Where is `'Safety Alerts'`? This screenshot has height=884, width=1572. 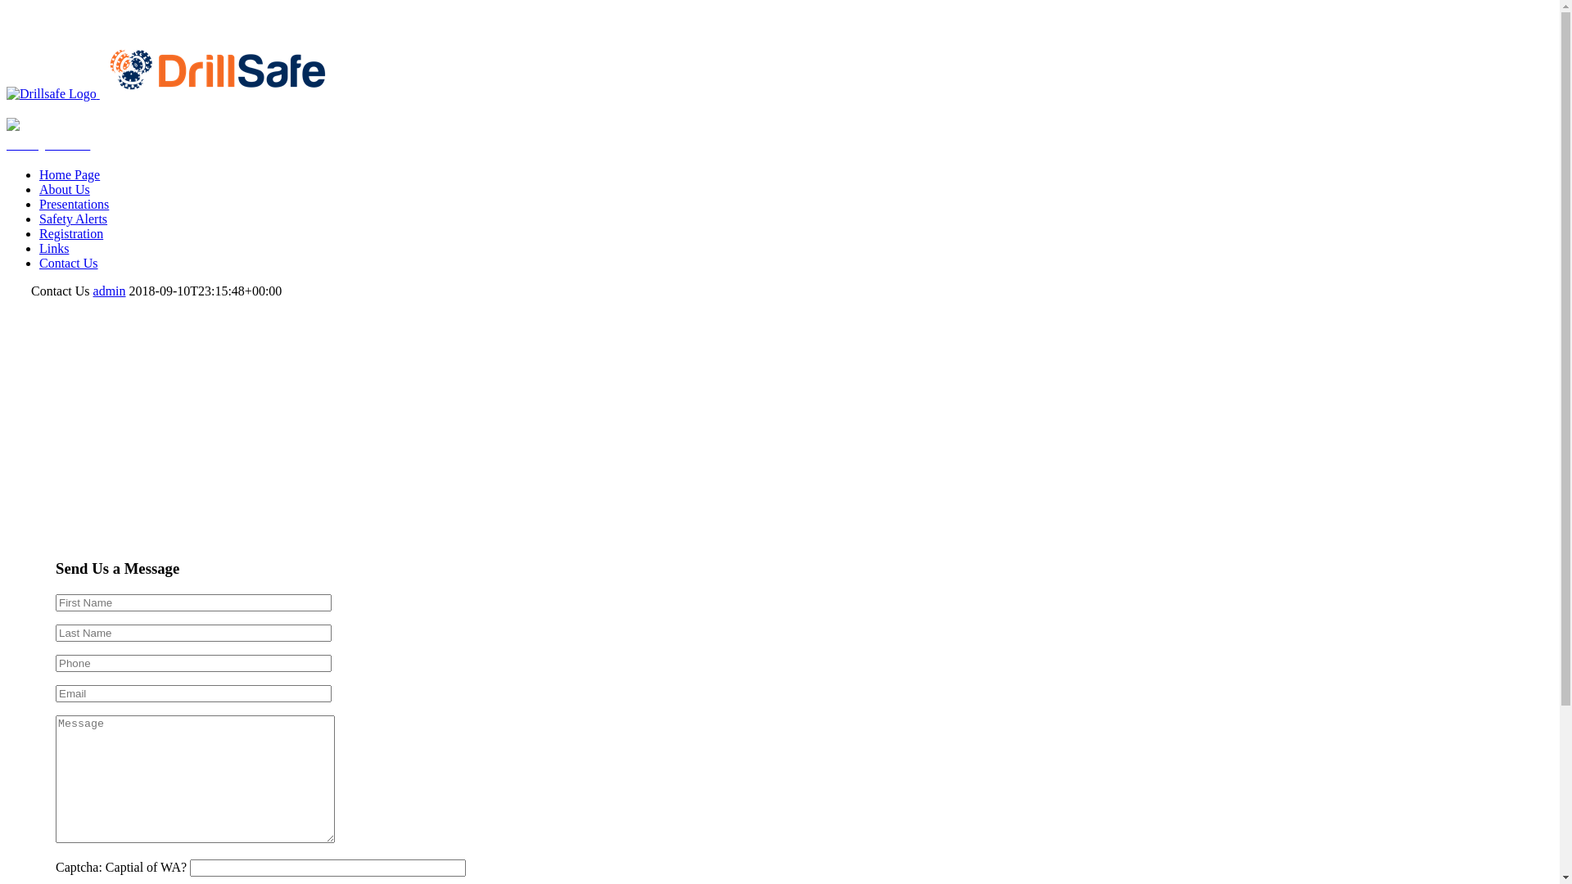
'Safety Alerts' is located at coordinates (47, 142).